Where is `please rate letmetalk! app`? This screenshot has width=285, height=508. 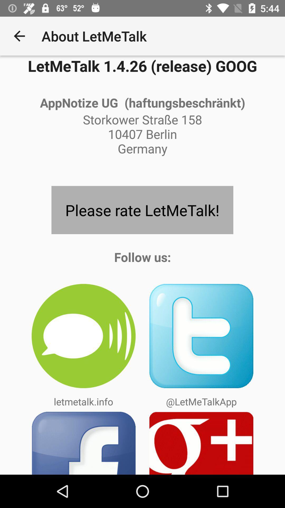 please rate letmetalk! app is located at coordinates (142, 210).